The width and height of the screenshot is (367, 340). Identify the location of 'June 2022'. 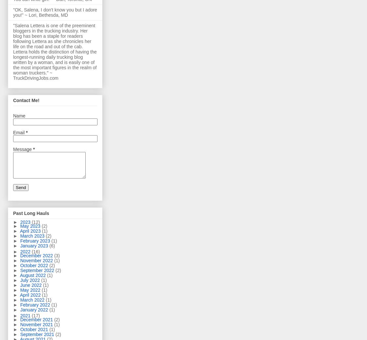
(31, 285).